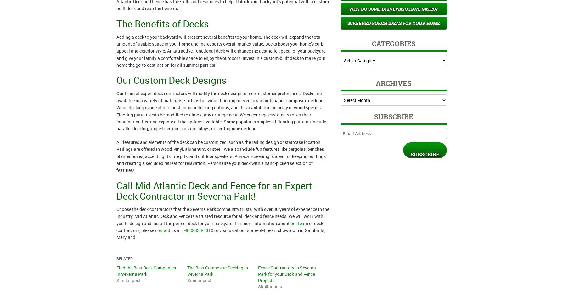  Describe the element at coordinates (197, 230) in the screenshot. I see `'1-800-833-9310'` at that location.